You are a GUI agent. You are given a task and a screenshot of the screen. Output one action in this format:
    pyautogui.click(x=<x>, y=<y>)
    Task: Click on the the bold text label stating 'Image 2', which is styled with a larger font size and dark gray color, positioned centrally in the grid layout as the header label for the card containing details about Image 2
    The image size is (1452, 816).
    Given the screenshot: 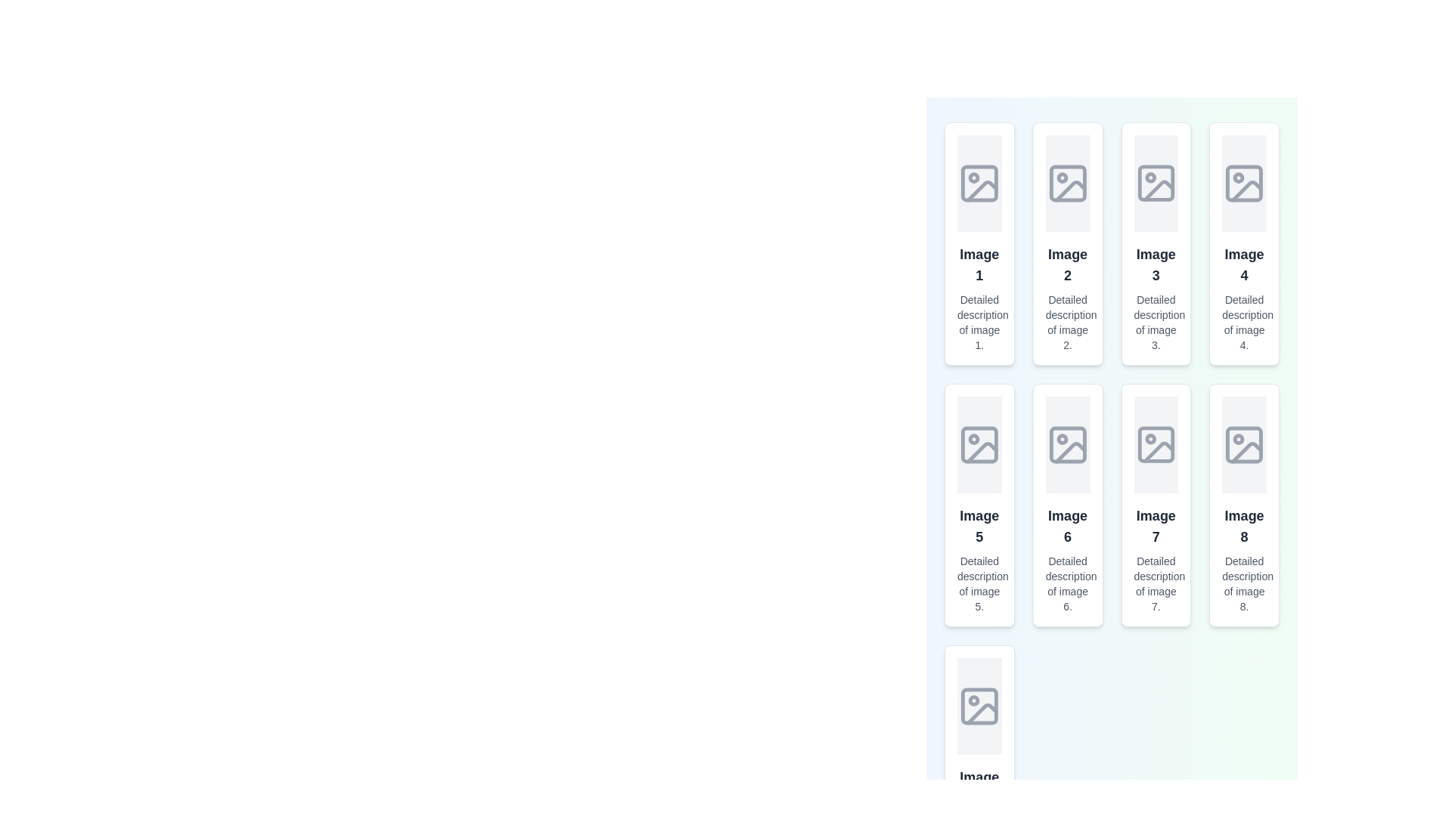 What is the action you would take?
    pyautogui.click(x=1067, y=264)
    